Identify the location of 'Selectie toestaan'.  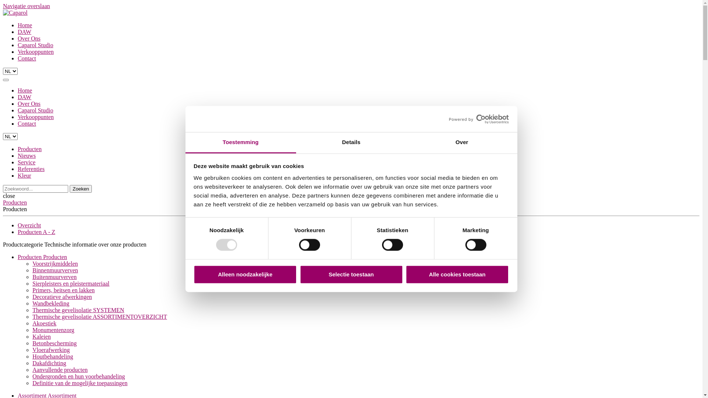
(350, 274).